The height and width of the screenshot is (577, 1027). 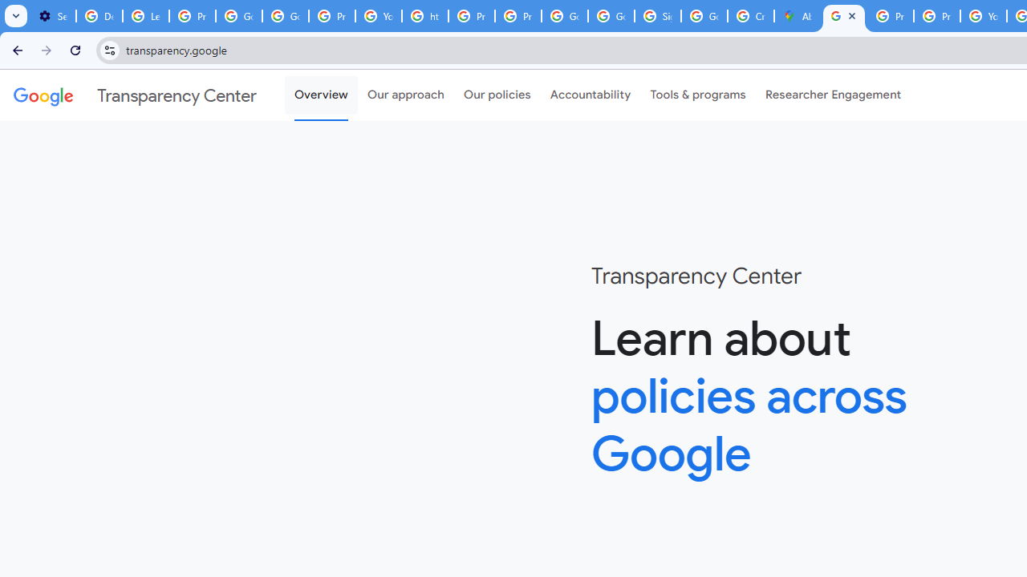 What do you see at coordinates (424, 16) in the screenshot?
I see `'https://scholar.google.com/'` at bounding box center [424, 16].